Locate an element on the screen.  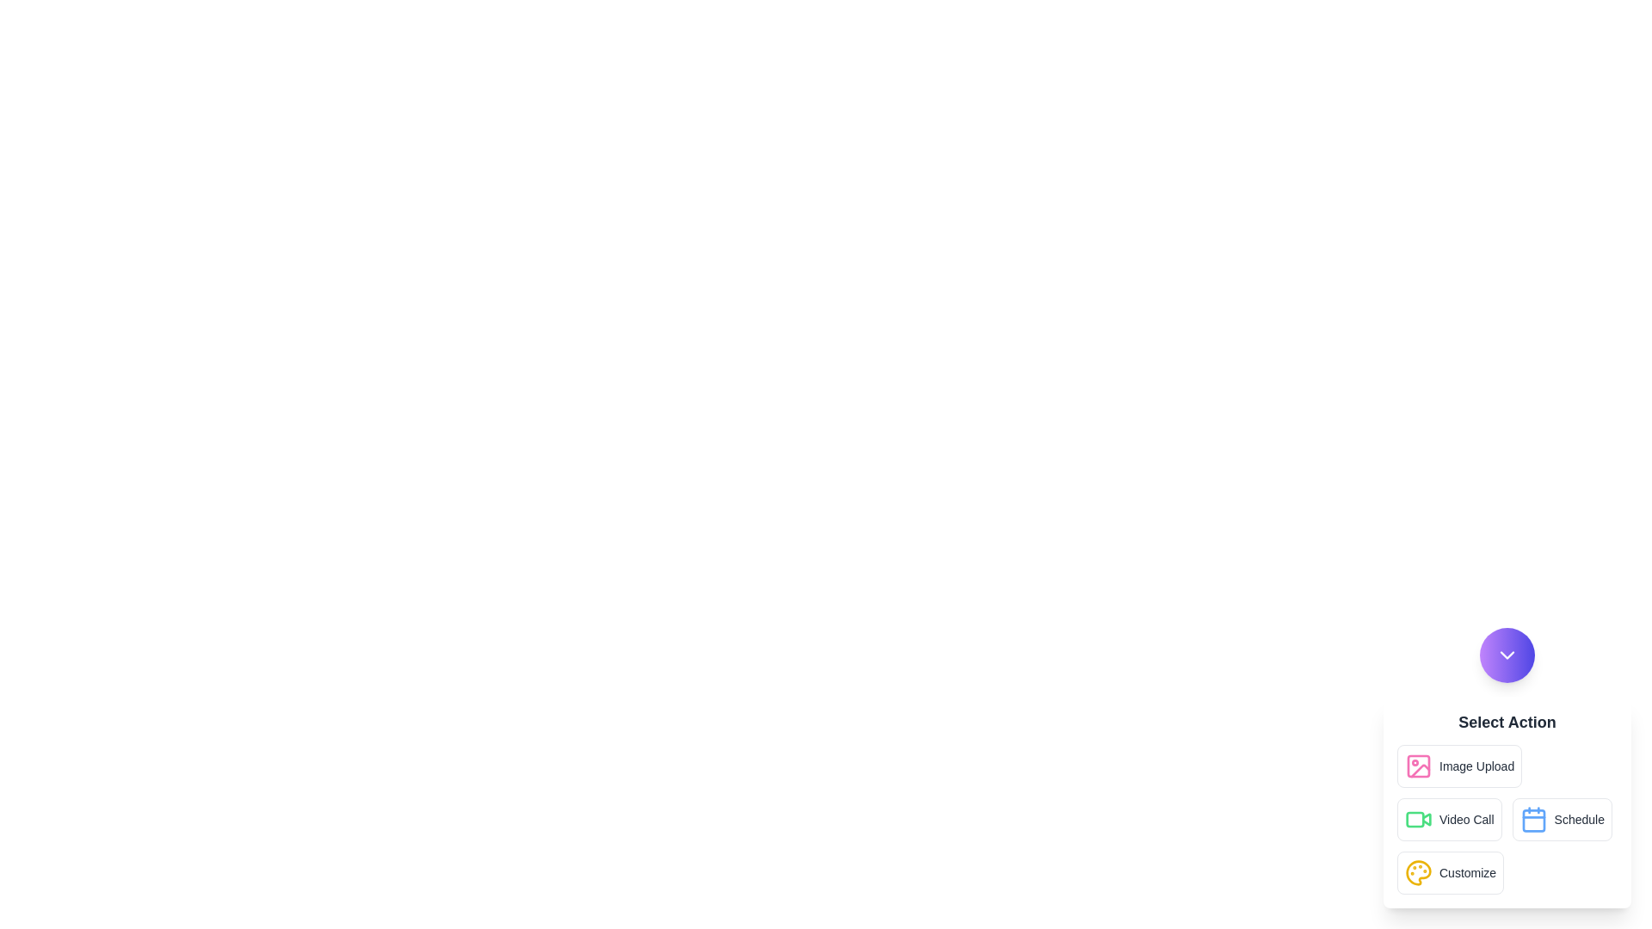
the 'Image Upload' icon, which is part of a rectangular button located at the top left of the action buttons panel is located at coordinates (1419, 766).